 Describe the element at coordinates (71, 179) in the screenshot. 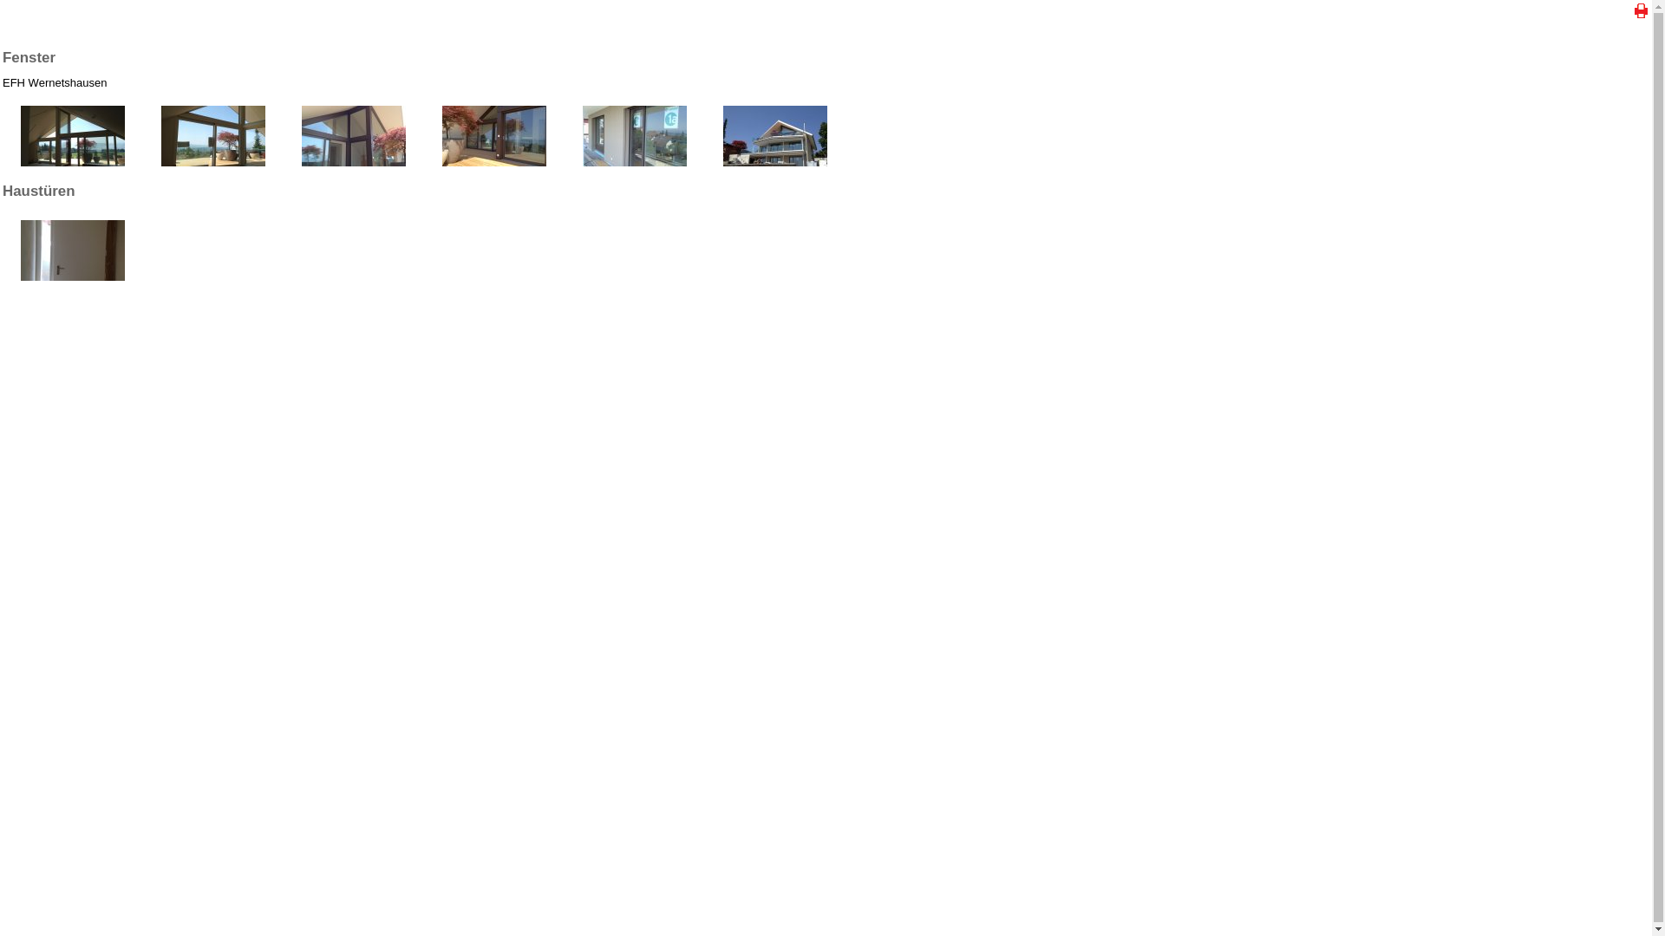

I see `'EFH Wernetshausen'` at that location.